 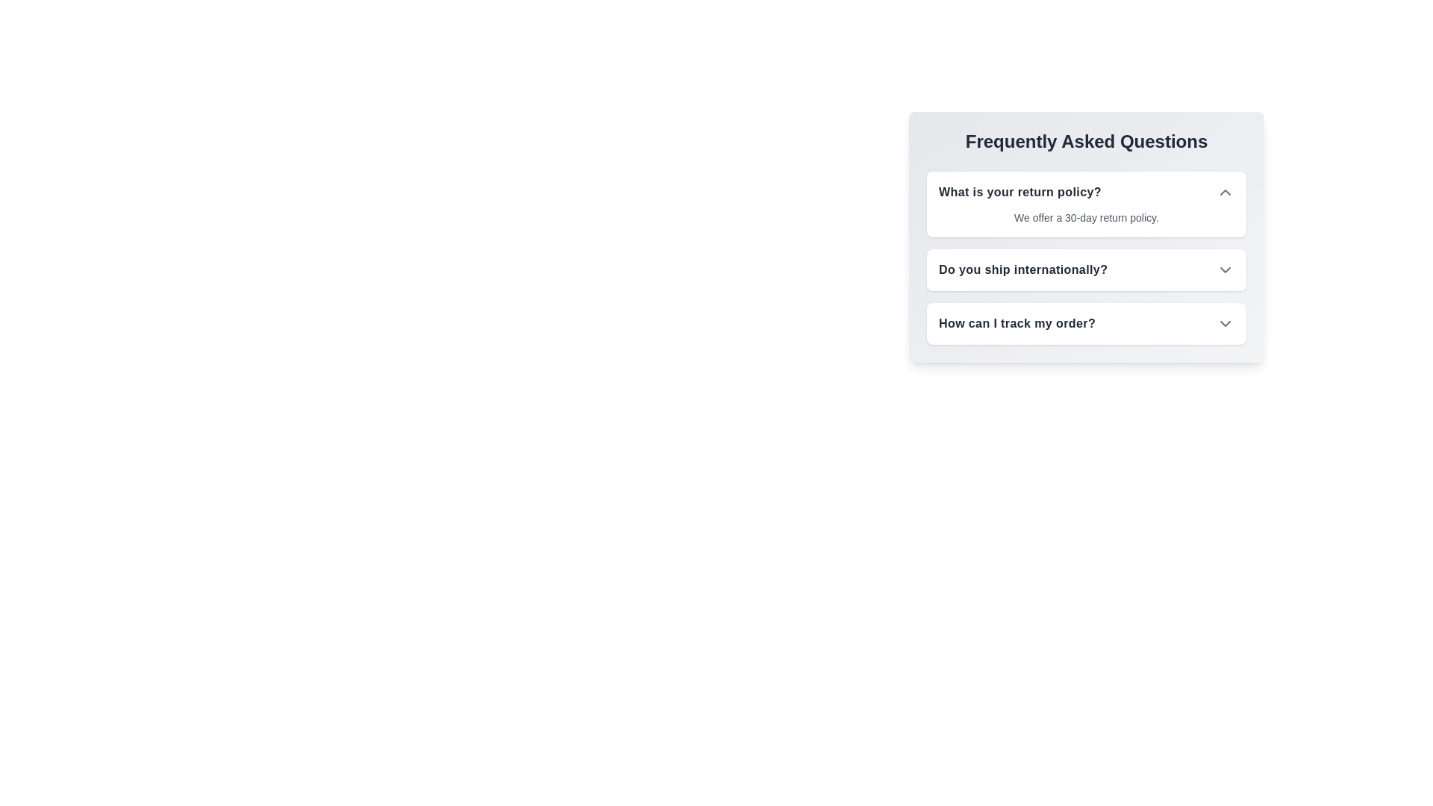 What do you see at coordinates (1225, 270) in the screenshot?
I see `the FAQ question Do you ship internationally? to toggle its answer` at bounding box center [1225, 270].